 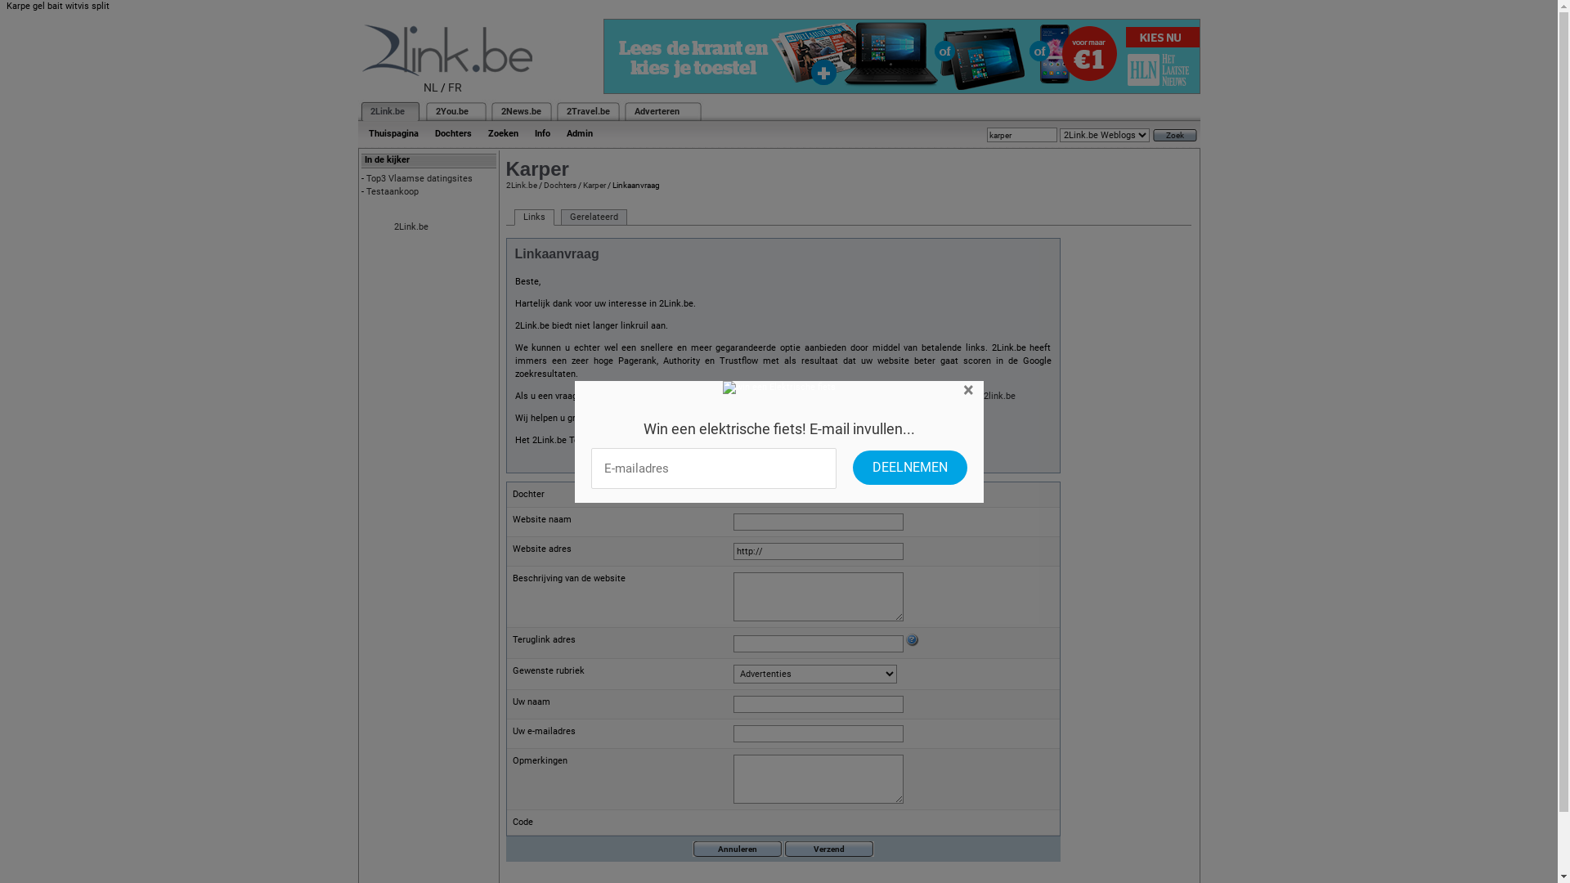 I want to click on 'Thuispagina', so click(x=392, y=132).